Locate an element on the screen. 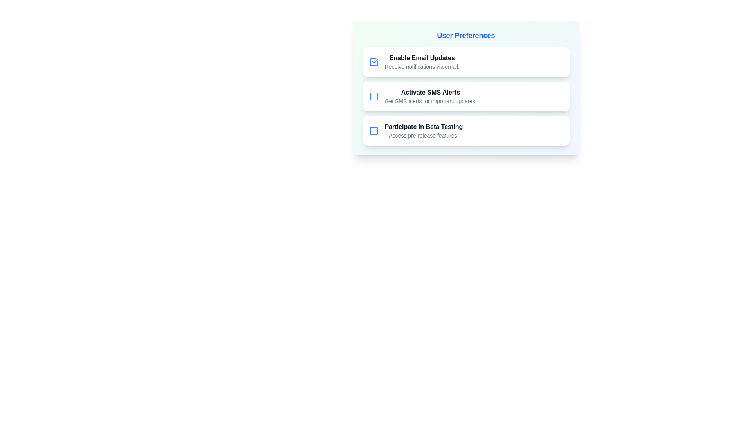 The height and width of the screenshot is (422, 751). the supplementary text label for the 'Activate SMS Alerts' option, which is located directly below the main text in the user preferences section is located at coordinates (430, 100).